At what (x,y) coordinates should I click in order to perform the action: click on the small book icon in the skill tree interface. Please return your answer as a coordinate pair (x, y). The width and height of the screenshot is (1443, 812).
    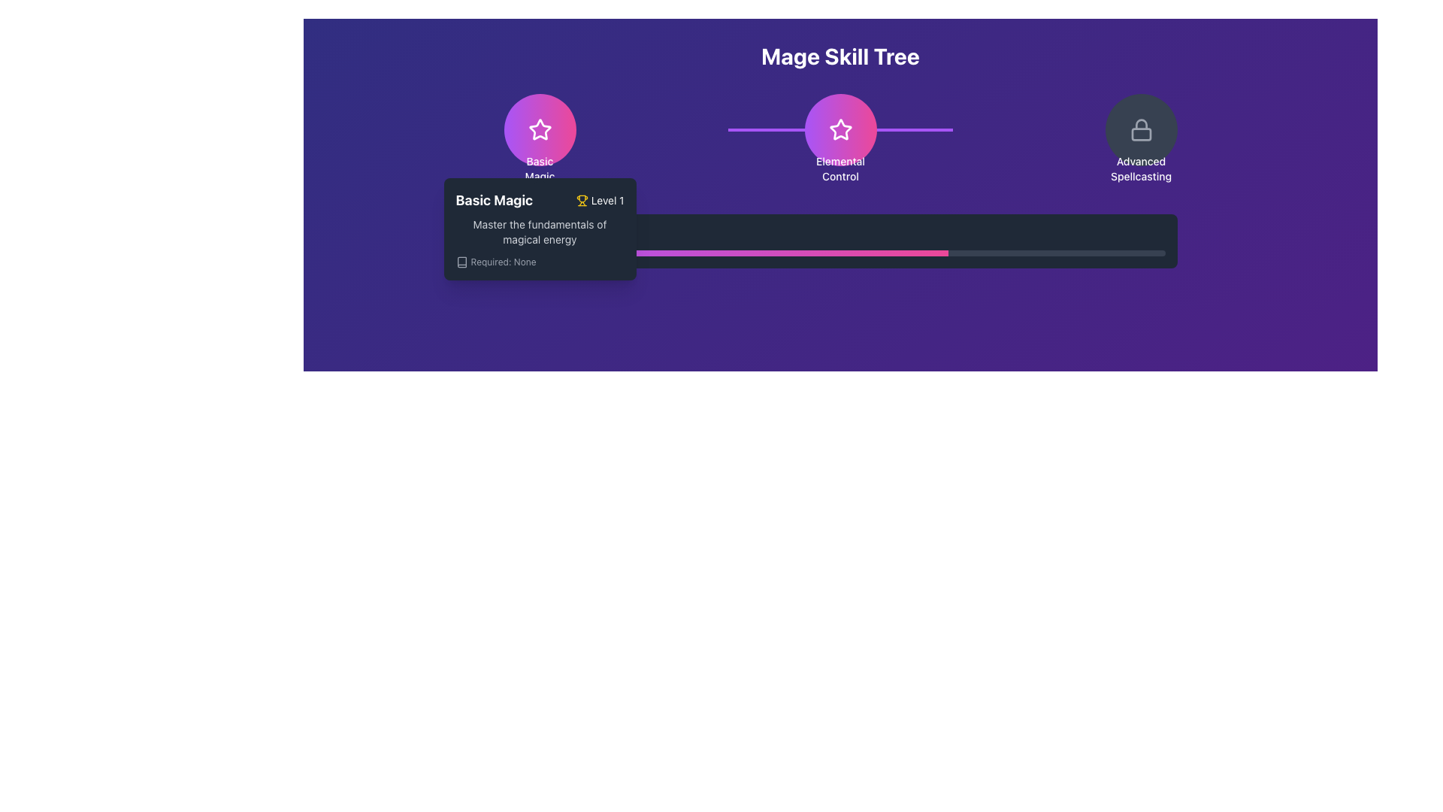
    Looking at the image, I should click on (461, 261).